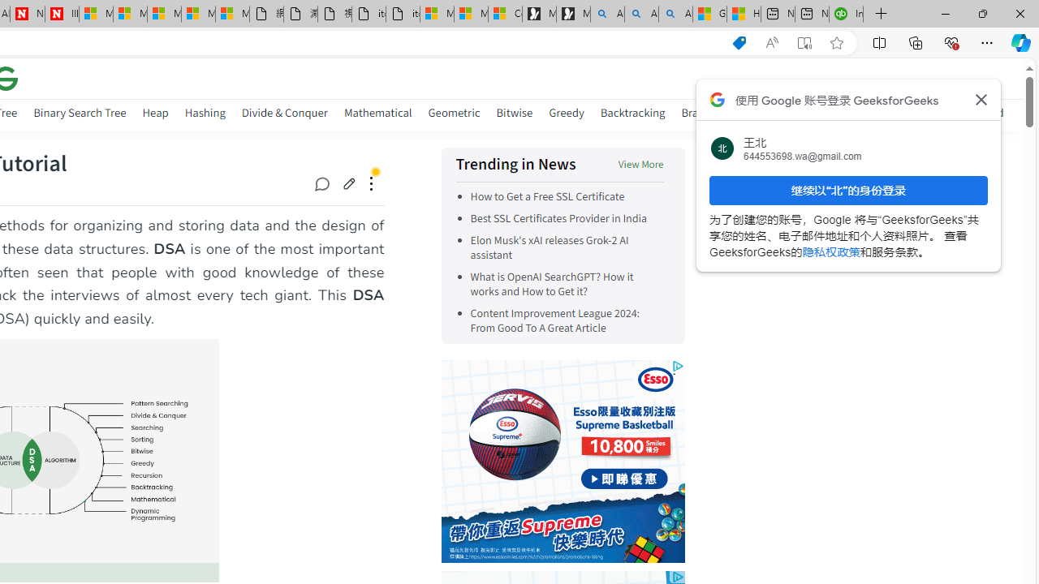 The height and width of the screenshot is (584, 1039). What do you see at coordinates (606, 14) in the screenshot?
I see `'Alabama high school quarterback dies - Search'` at bounding box center [606, 14].